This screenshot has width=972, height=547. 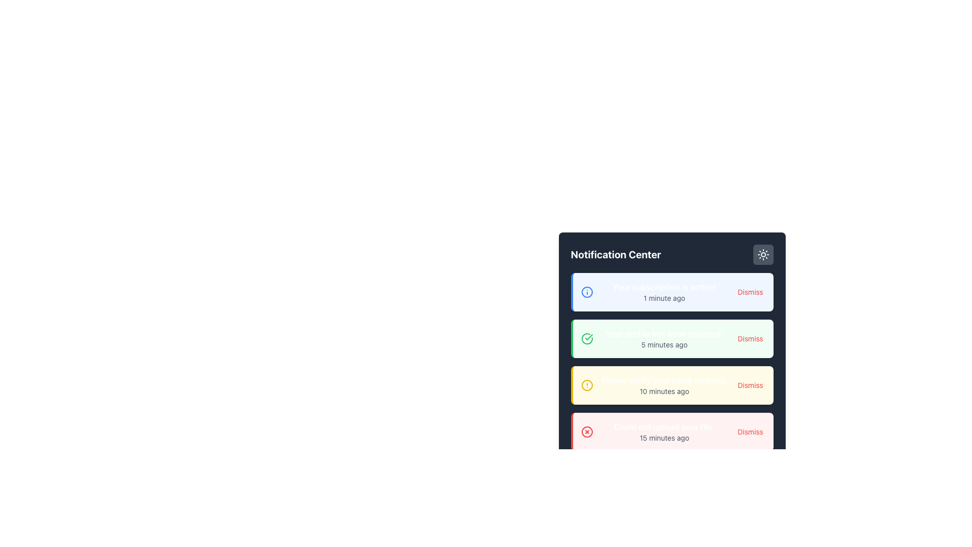 What do you see at coordinates (664, 298) in the screenshot?
I see `timestamp information displayed in the text label located in the uppermost notification panel of the Notification Center, directly below the message 'Your subscription is active!' and slightly to its right` at bounding box center [664, 298].